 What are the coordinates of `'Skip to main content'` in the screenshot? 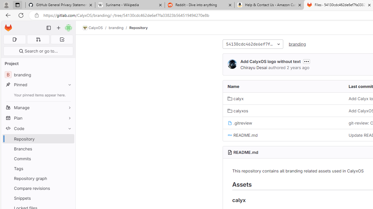 It's located at (7, 25).